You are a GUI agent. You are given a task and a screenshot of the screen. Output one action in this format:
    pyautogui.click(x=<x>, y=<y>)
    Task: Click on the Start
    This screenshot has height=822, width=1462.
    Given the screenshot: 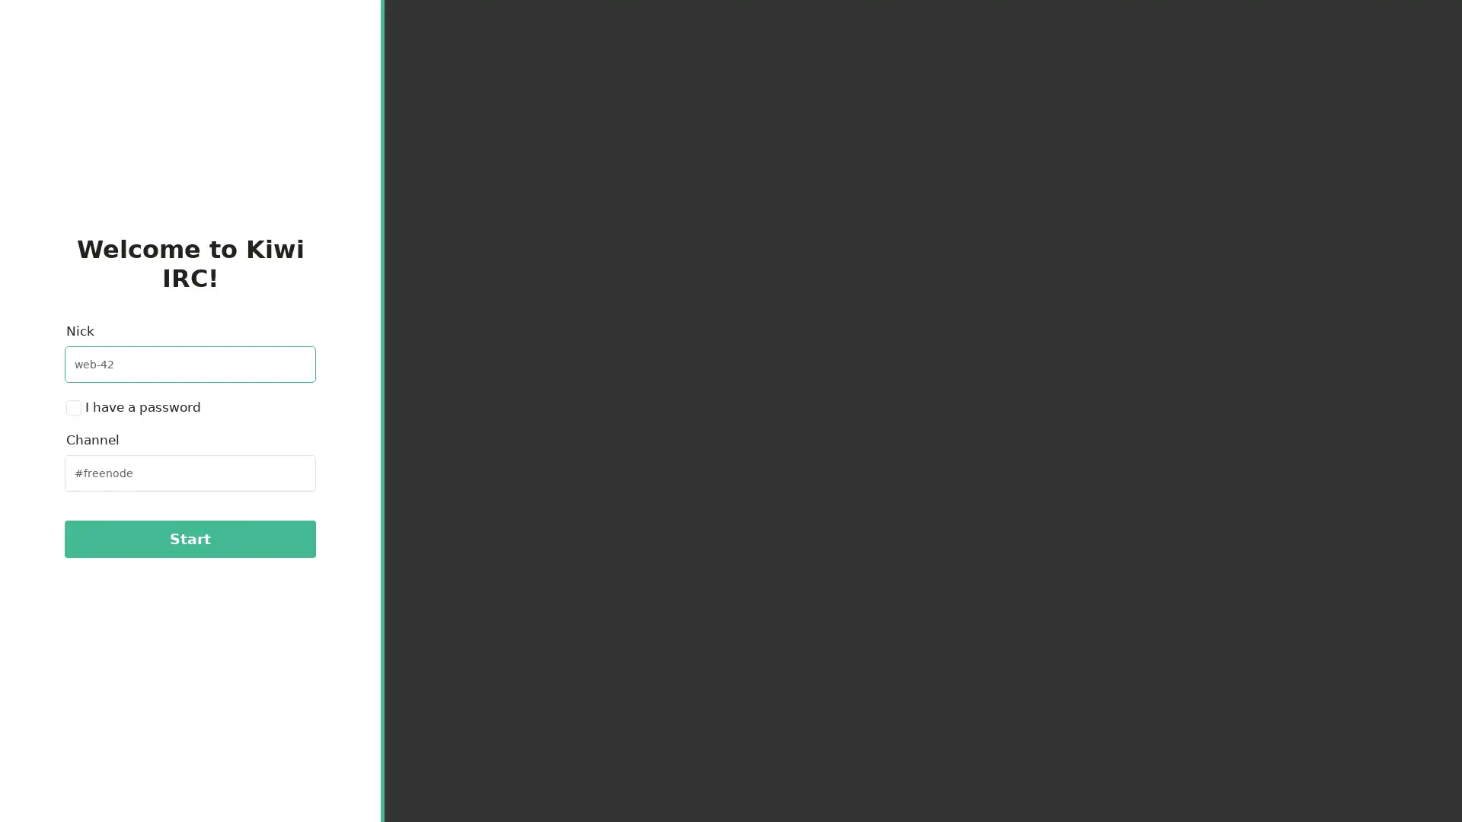 What is the action you would take?
    pyautogui.click(x=189, y=538)
    